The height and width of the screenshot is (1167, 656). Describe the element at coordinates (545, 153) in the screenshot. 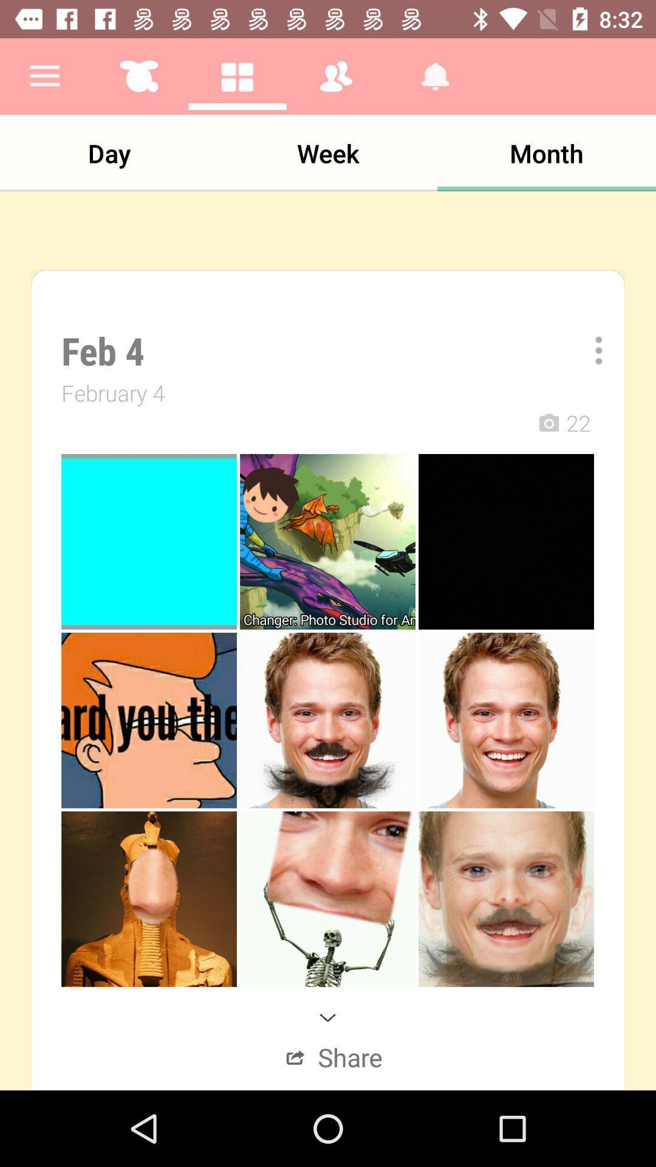

I see `the app to the right of the week item` at that location.